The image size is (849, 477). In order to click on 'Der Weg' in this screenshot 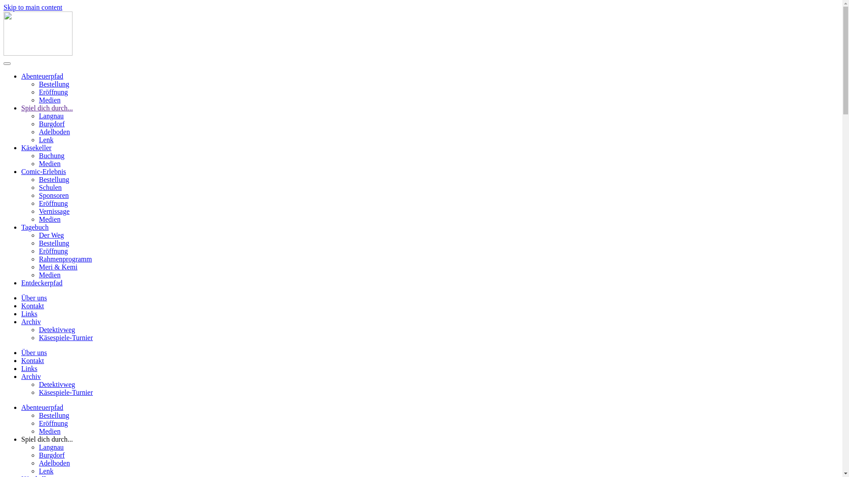, I will do `click(38, 235)`.